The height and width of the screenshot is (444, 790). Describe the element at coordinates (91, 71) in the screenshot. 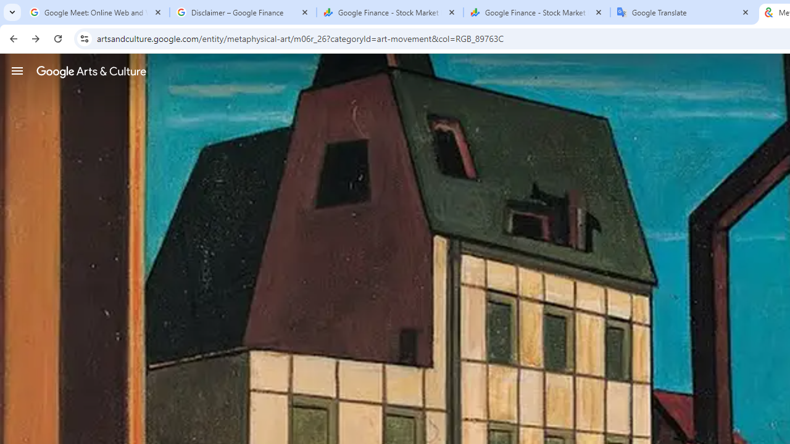

I see `'Google Arts & Culture'` at that location.